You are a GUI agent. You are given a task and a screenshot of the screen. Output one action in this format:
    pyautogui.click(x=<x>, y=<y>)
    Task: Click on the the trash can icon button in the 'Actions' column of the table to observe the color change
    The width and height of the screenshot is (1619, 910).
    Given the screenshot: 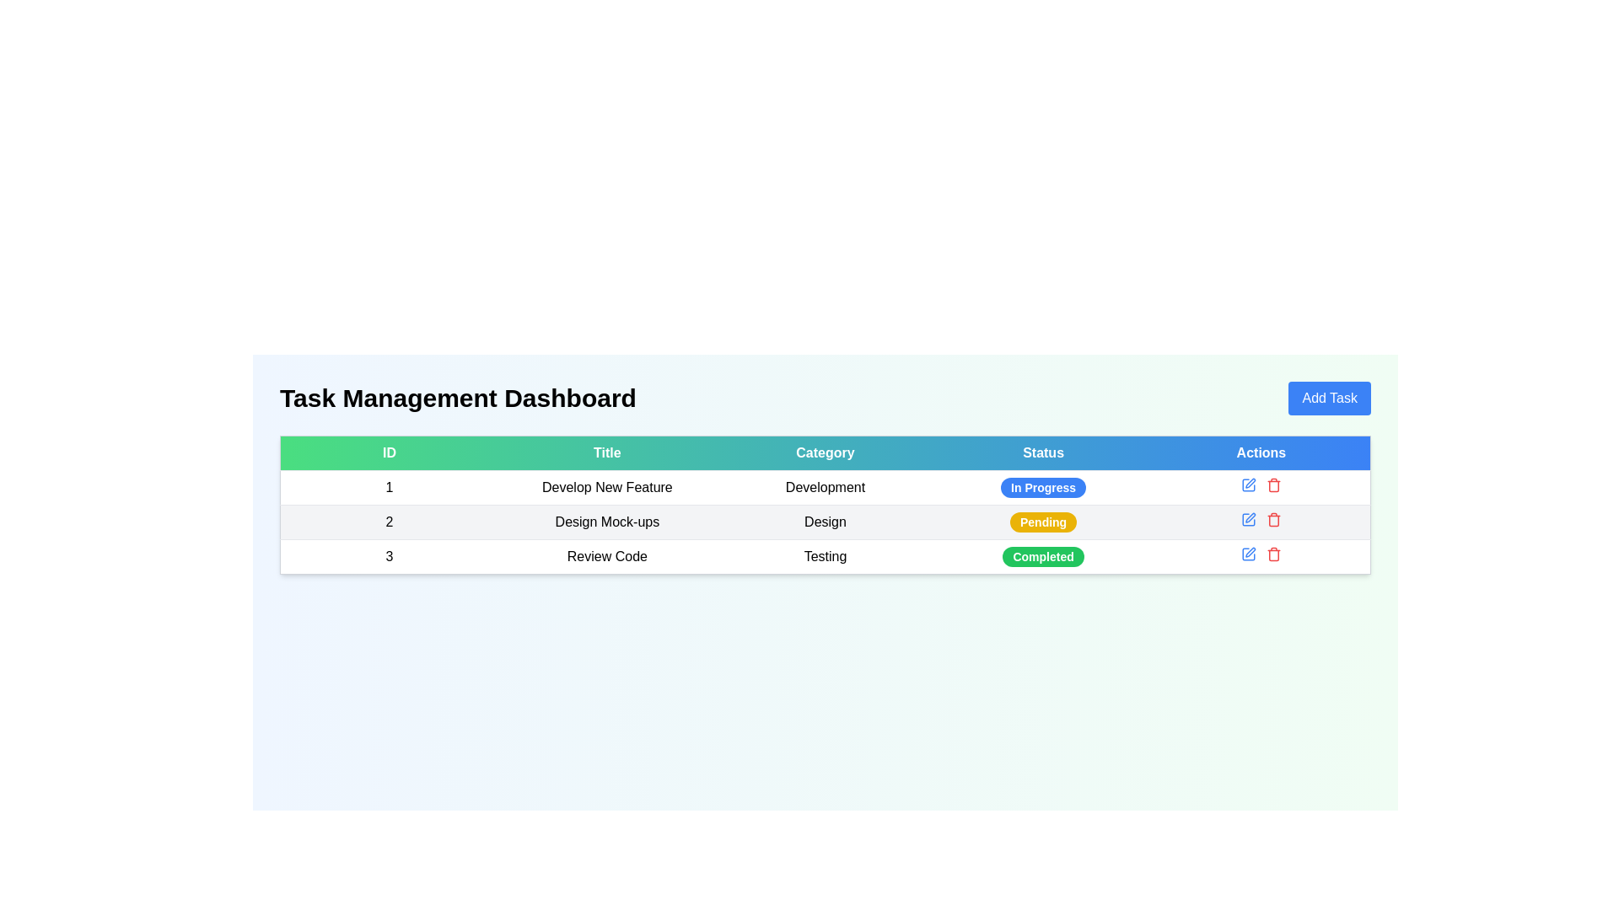 What is the action you would take?
    pyautogui.click(x=1273, y=519)
    